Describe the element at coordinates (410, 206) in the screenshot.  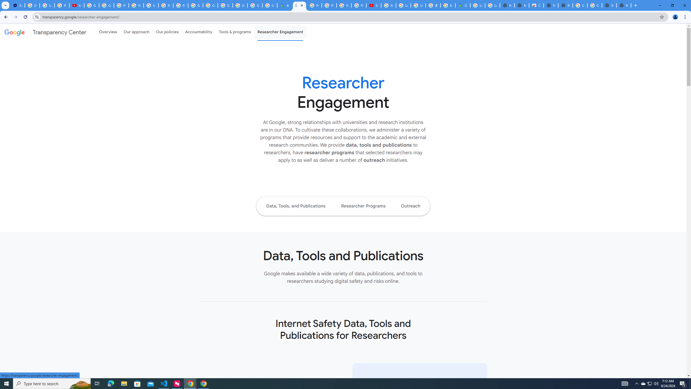
I see `'Outreach'` at that location.